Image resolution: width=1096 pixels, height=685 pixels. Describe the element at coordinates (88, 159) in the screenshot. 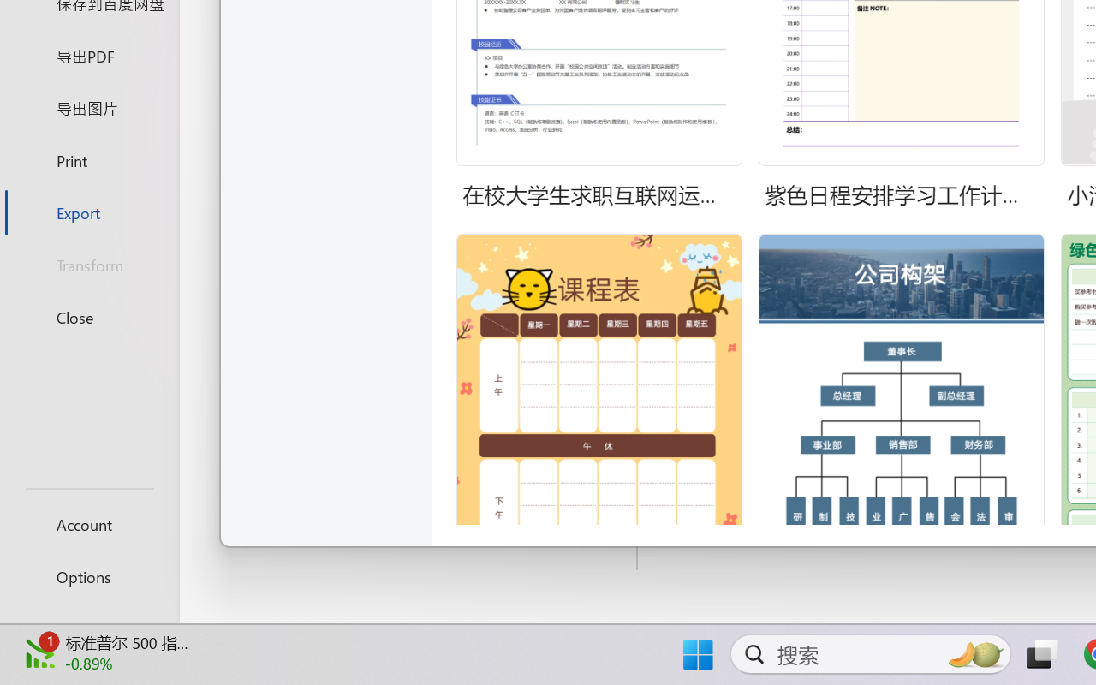

I see `'Print'` at that location.